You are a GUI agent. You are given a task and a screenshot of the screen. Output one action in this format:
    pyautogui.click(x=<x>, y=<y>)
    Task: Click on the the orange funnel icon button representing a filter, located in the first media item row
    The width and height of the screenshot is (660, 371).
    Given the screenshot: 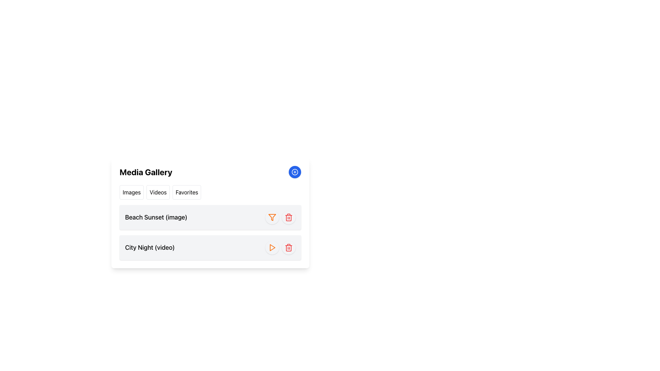 What is the action you would take?
    pyautogui.click(x=272, y=217)
    